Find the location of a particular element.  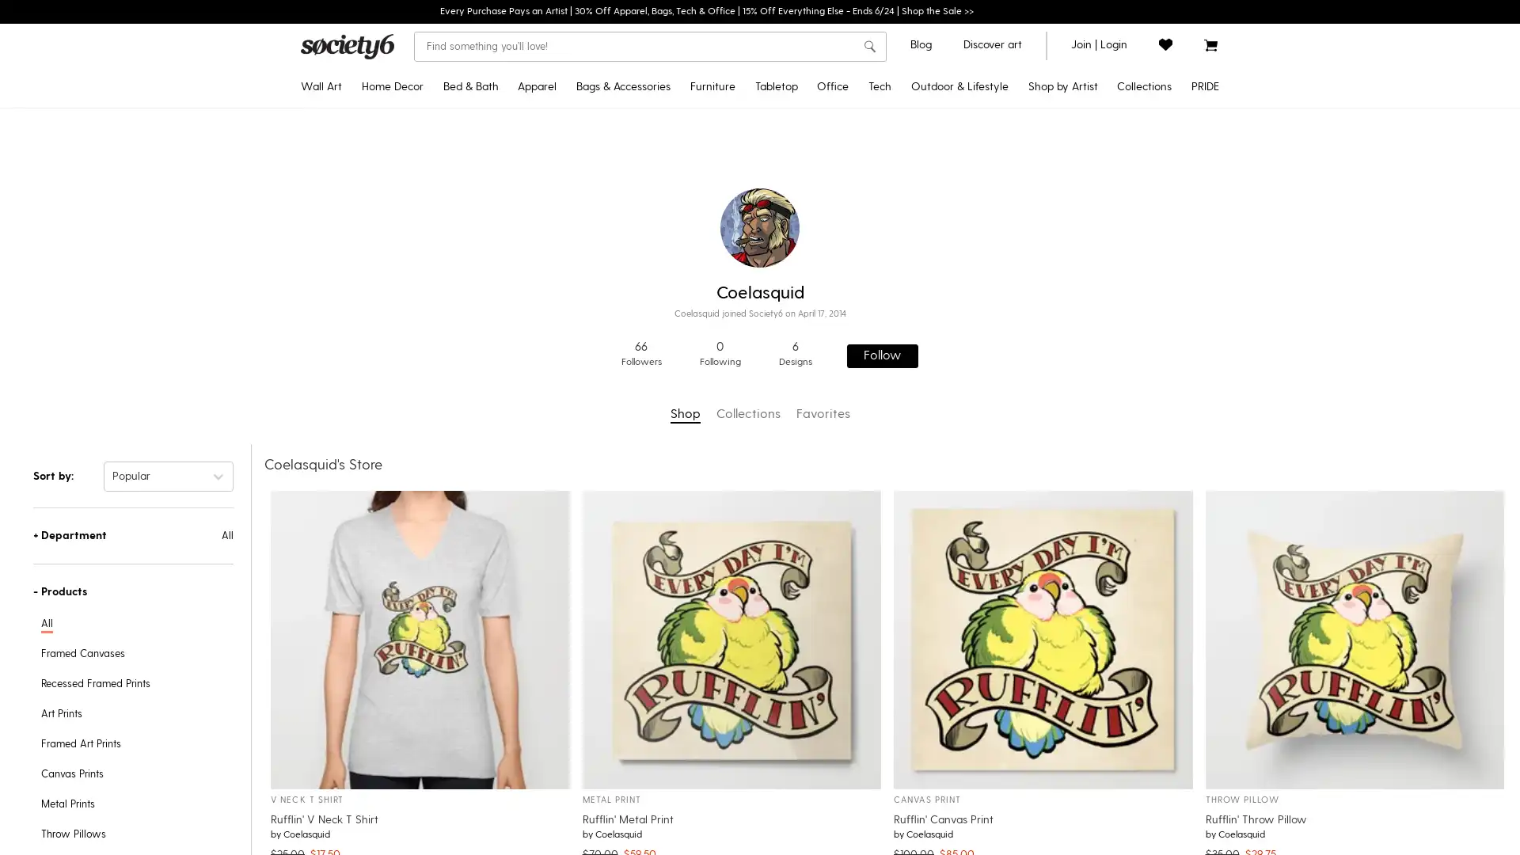

Discover Cotton Bedding is located at coordinates (1085, 408).